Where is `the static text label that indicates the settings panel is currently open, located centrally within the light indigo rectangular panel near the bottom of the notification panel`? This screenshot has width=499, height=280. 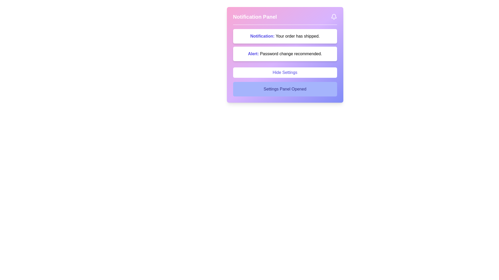
the static text label that indicates the settings panel is currently open, located centrally within the light indigo rectangular panel near the bottom of the notification panel is located at coordinates (285, 89).